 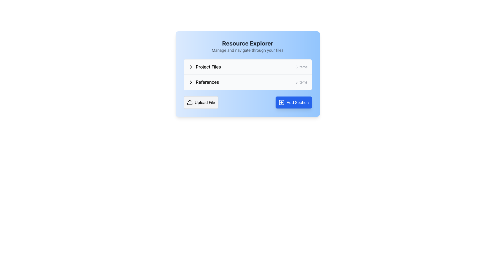 What do you see at coordinates (282, 102) in the screenshot?
I see `the addition icon located within the 'Add Section' button, which is blue and positioned at the bottom right of the user interface` at bounding box center [282, 102].